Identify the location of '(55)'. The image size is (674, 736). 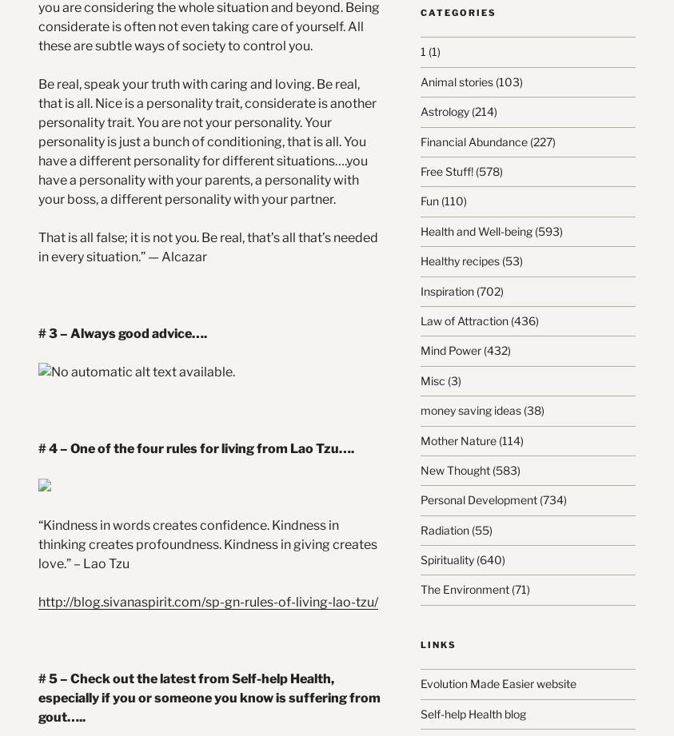
(468, 529).